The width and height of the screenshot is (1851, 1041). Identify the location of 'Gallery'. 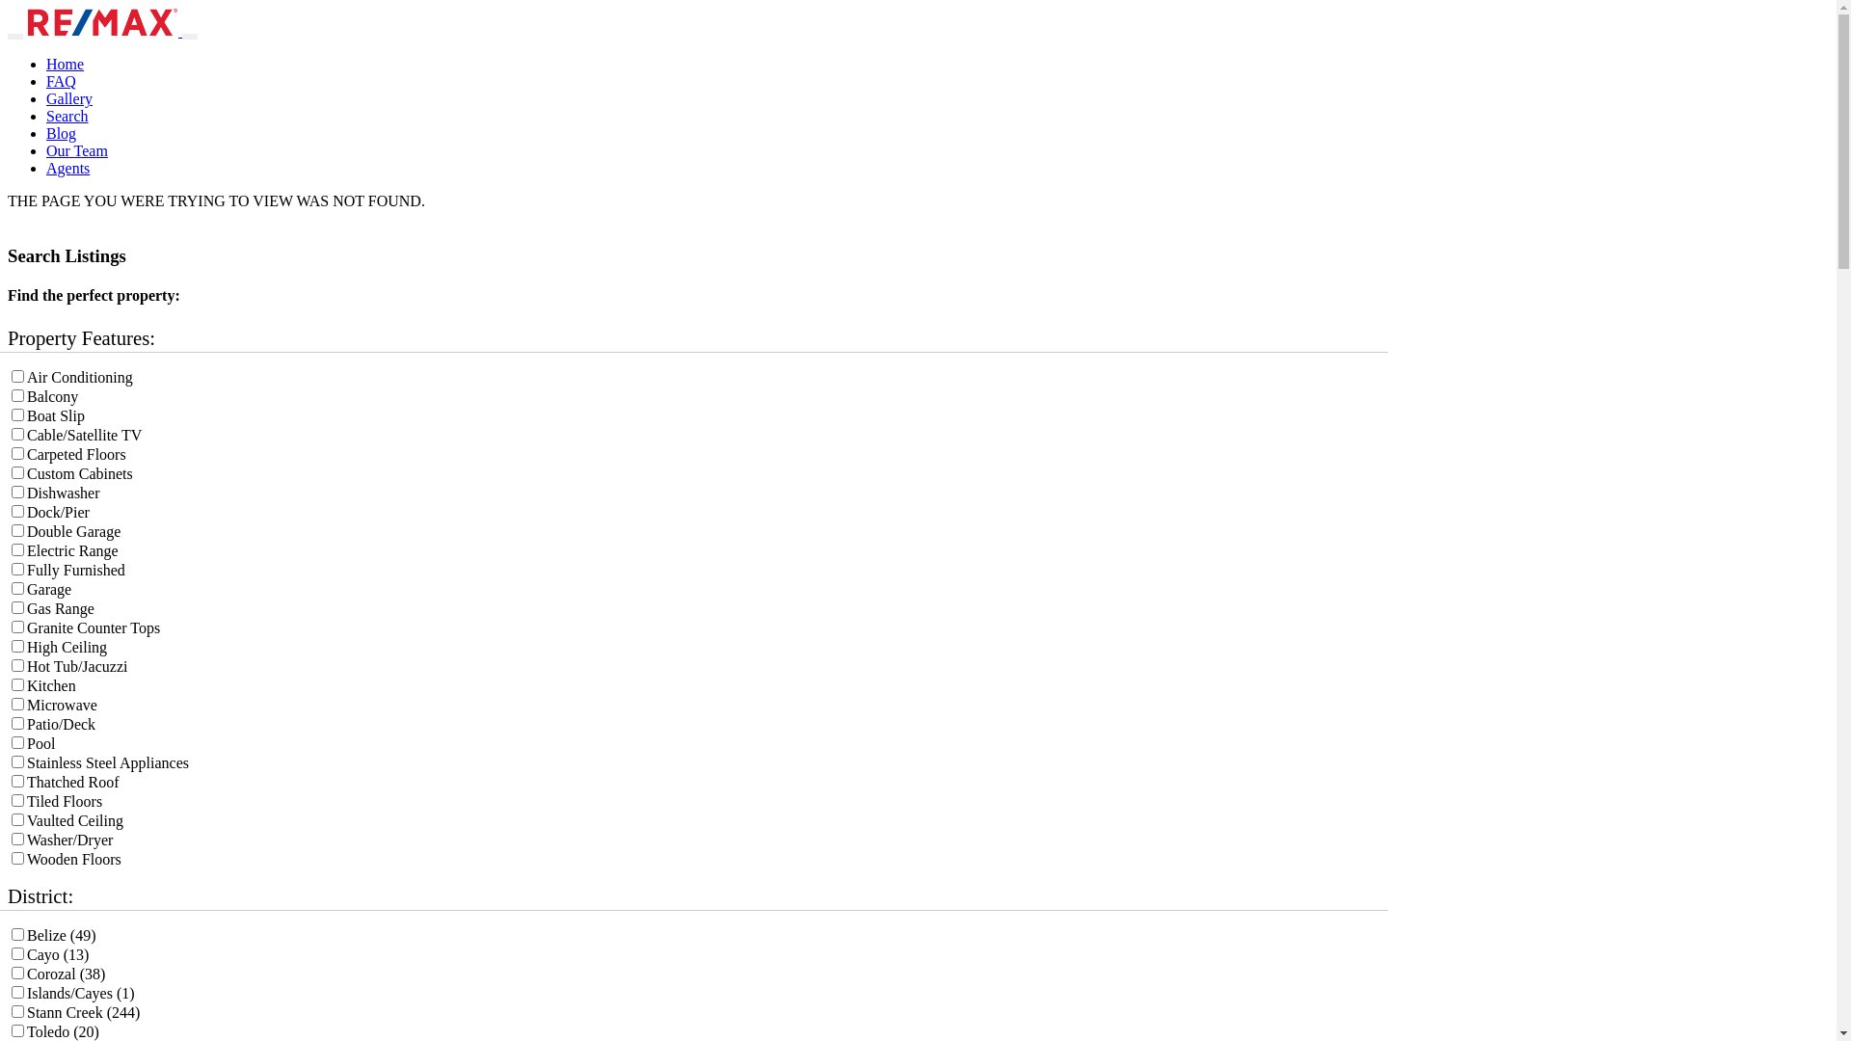
(69, 98).